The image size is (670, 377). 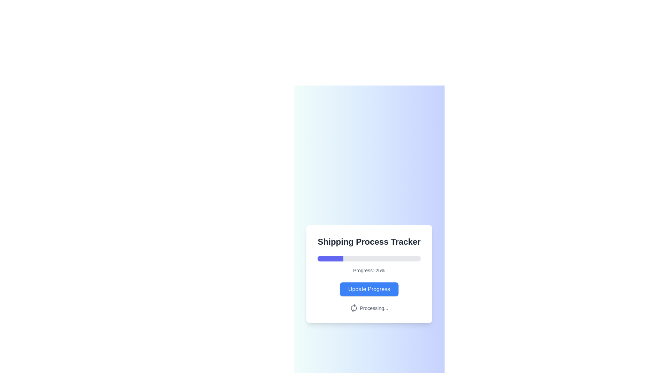 I want to click on the spinning animation icon located in the lower portion of the interface, directly below the 'Update Progress' button, which represents an ongoing process, so click(x=353, y=306).